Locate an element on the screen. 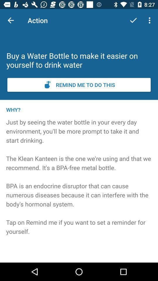 This screenshot has width=158, height=281. item next to action item is located at coordinates (11, 20).